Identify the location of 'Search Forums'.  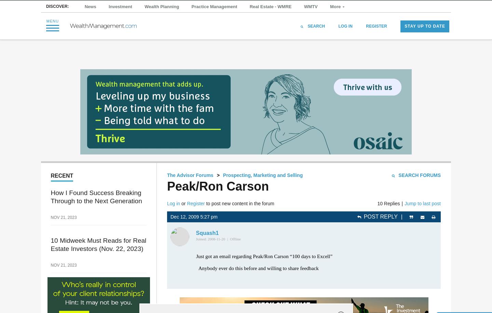
(419, 175).